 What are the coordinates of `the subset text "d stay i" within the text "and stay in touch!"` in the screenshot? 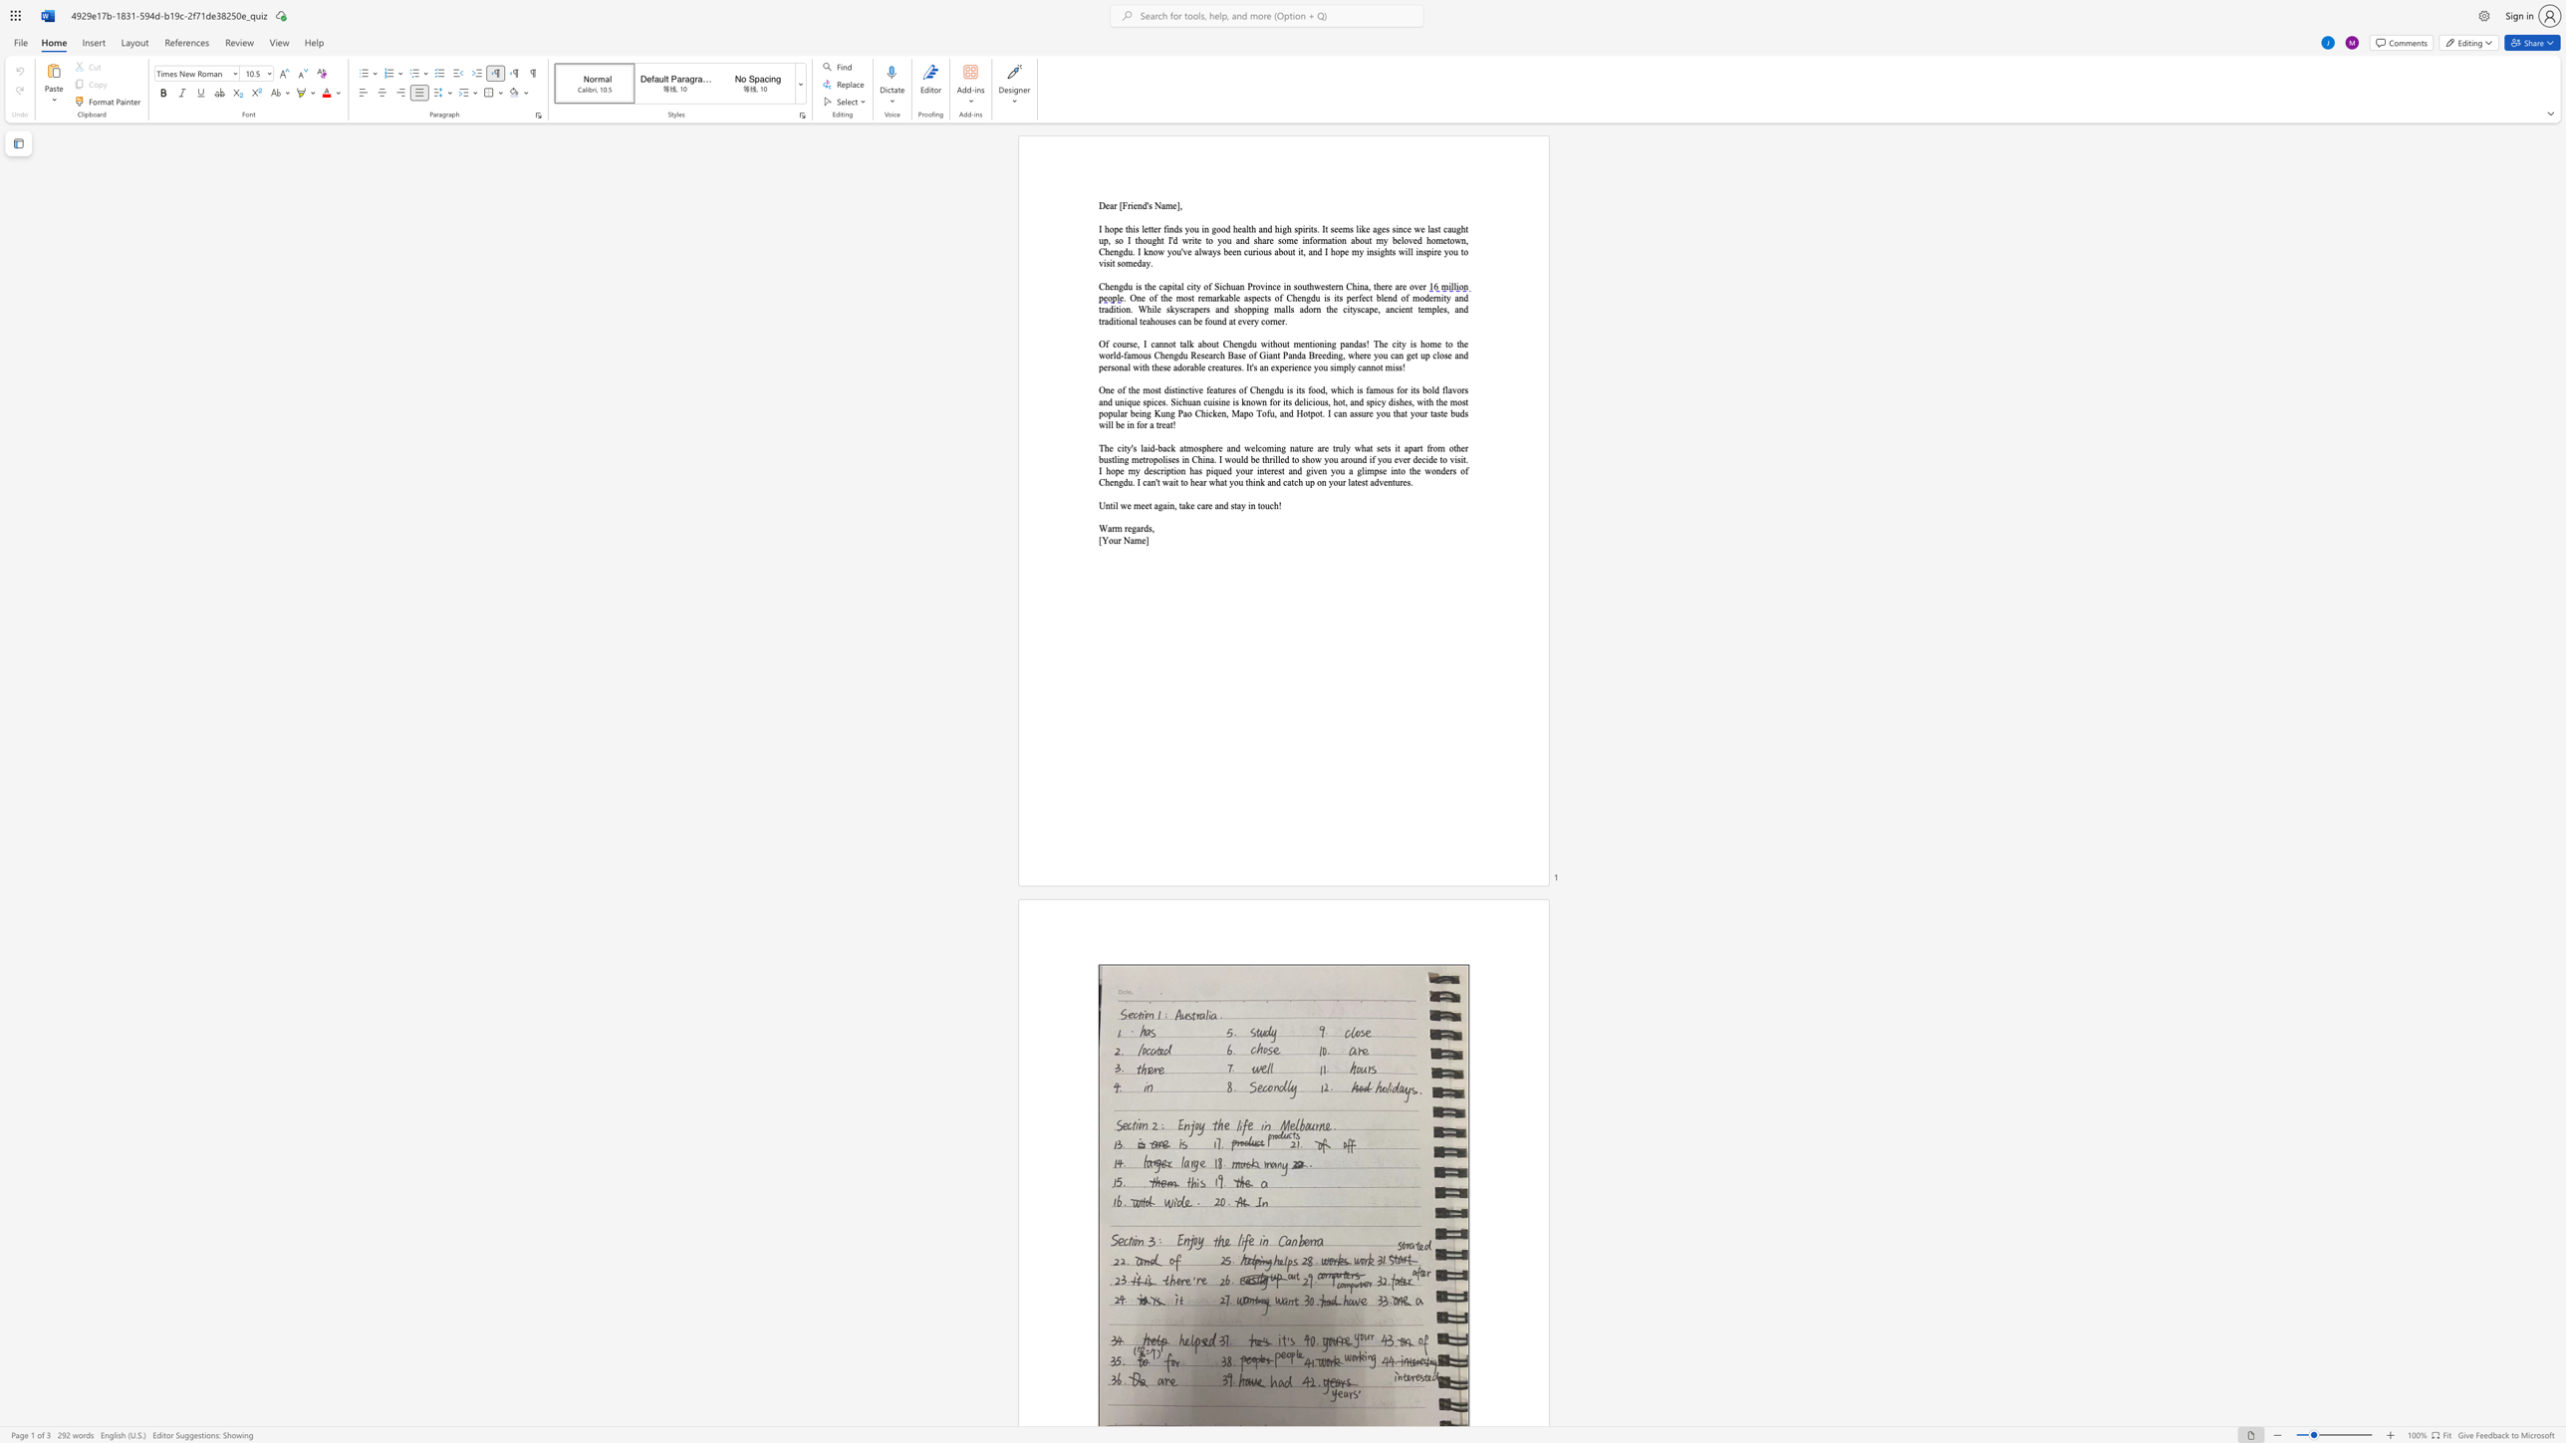 It's located at (1223, 504).